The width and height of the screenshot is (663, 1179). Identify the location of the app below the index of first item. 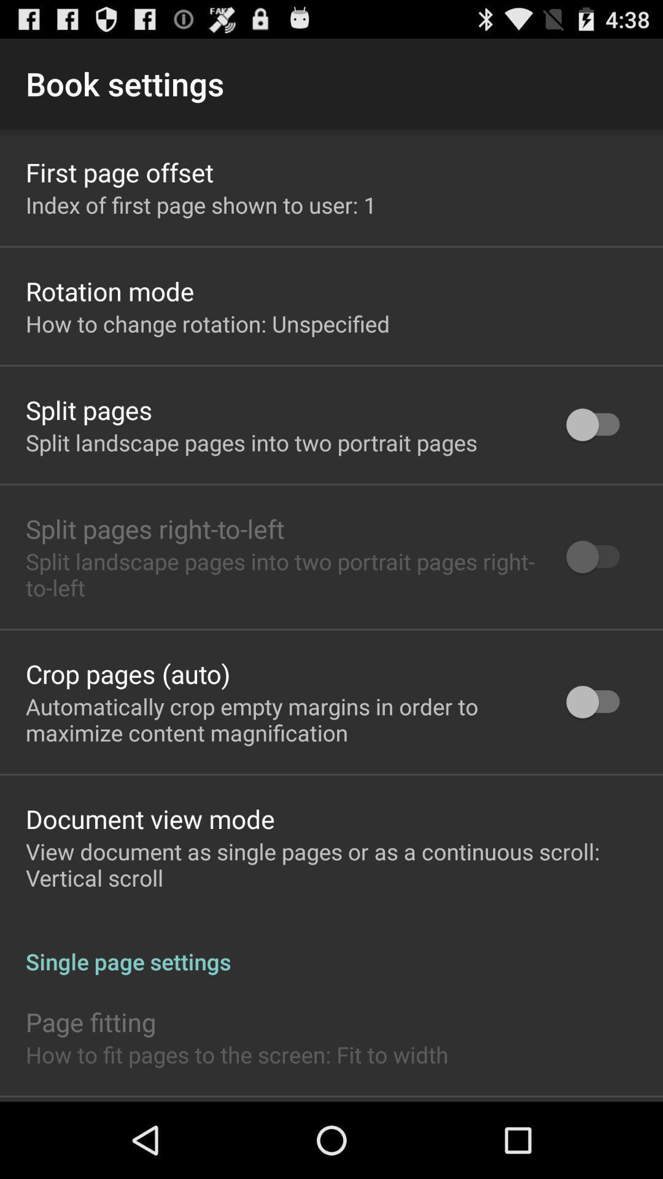
(109, 290).